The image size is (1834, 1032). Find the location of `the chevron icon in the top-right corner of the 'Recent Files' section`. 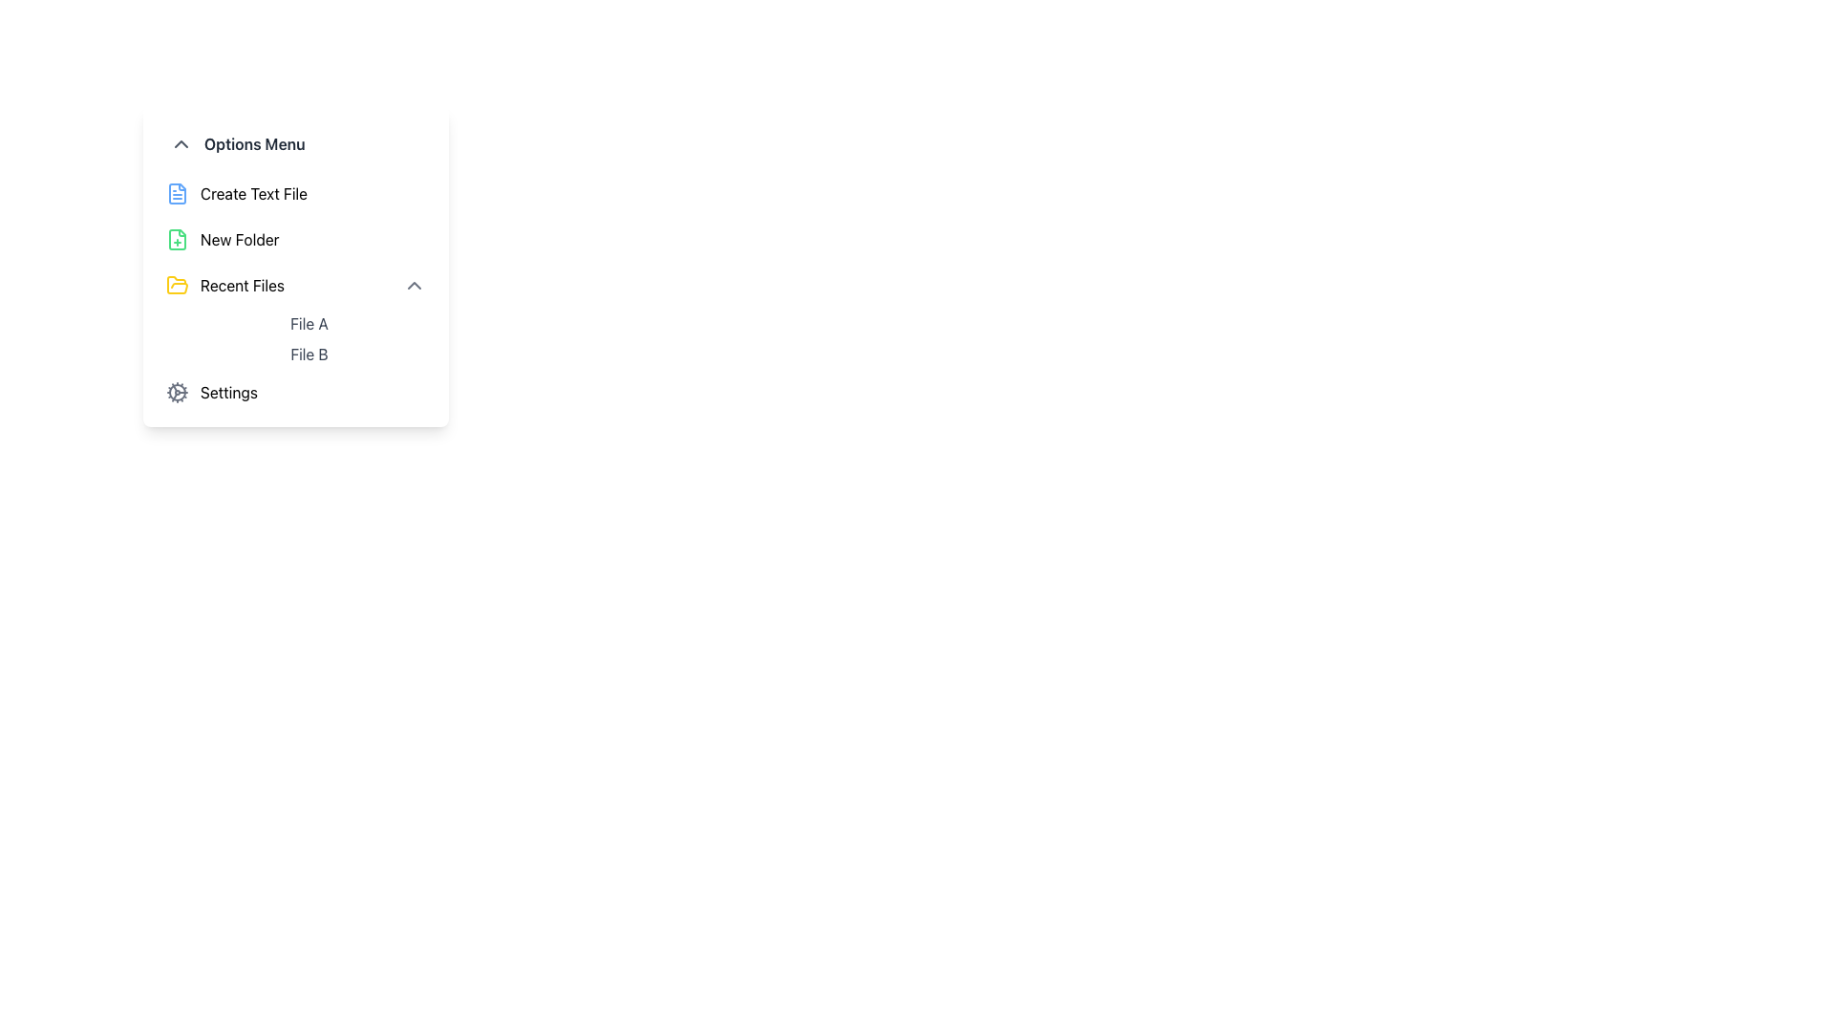

the chevron icon in the top-right corner of the 'Recent Files' section is located at coordinates (413, 286).